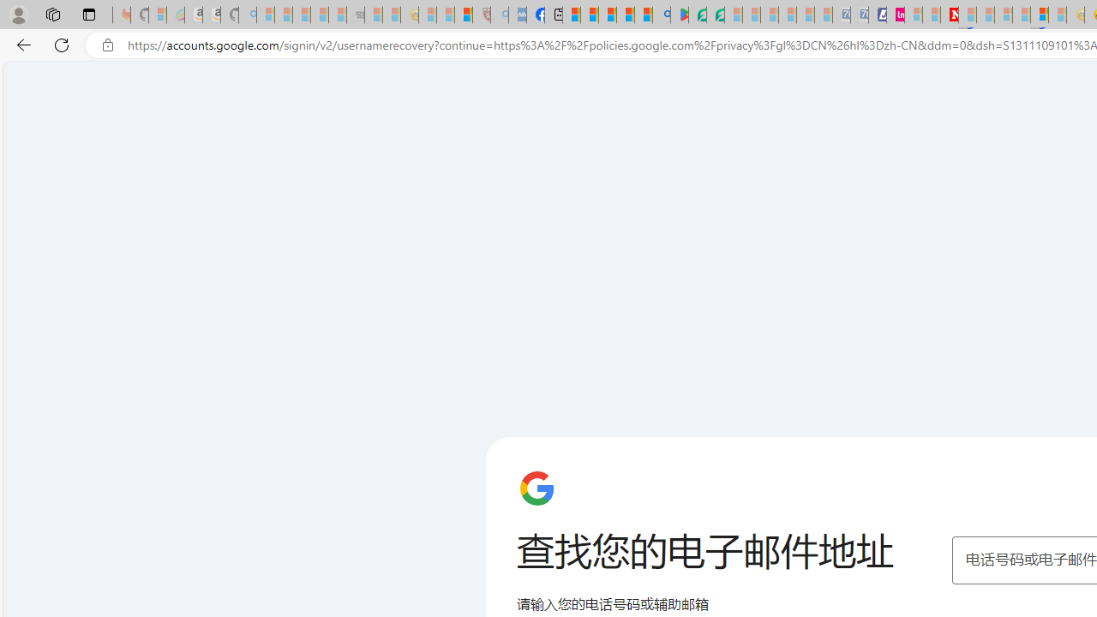 The image size is (1097, 617). Describe the element at coordinates (859, 15) in the screenshot. I see `'Cheap Hotels - Save70.com - Sleeping'` at that location.